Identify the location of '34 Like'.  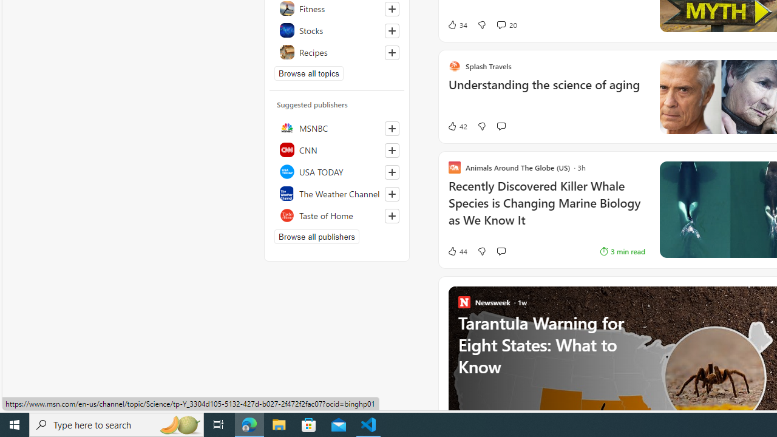
(456, 25).